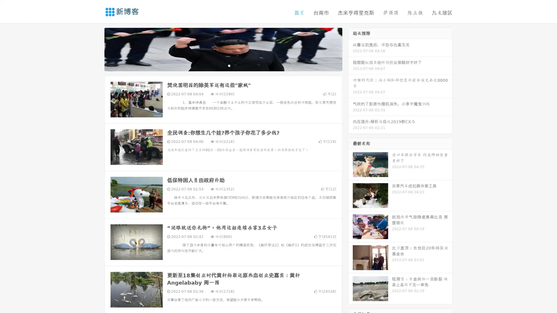 The height and width of the screenshot is (313, 557). Describe the element at coordinates (350, 49) in the screenshot. I see `Next slide` at that location.